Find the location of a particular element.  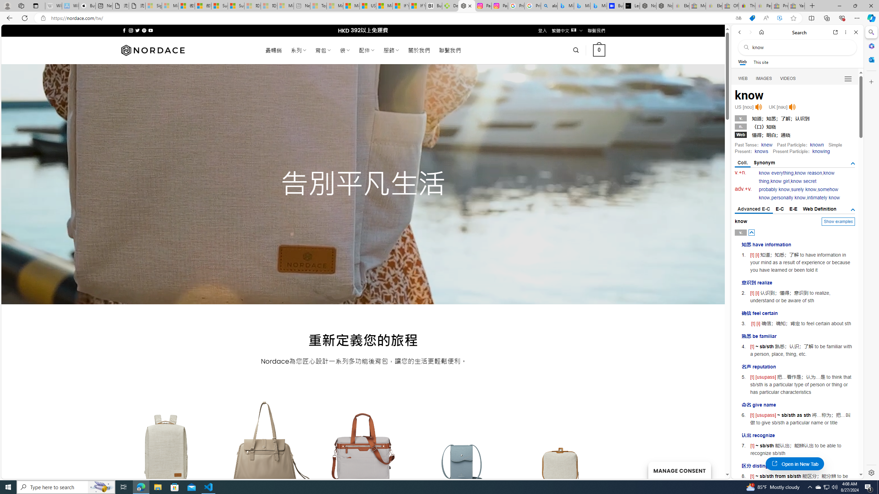

'Enhance video' is located at coordinates (779, 18).